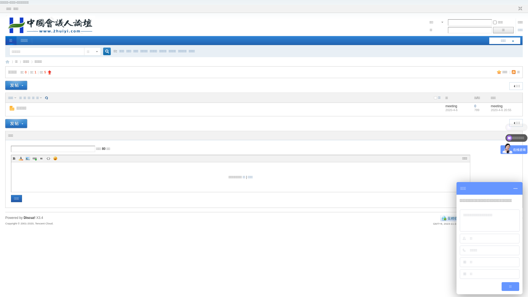 The height and width of the screenshot is (297, 528). What do you see at coordinates (451, 218) in the screenshot?
I see `'QQ'` at bounding box center [451, 218].